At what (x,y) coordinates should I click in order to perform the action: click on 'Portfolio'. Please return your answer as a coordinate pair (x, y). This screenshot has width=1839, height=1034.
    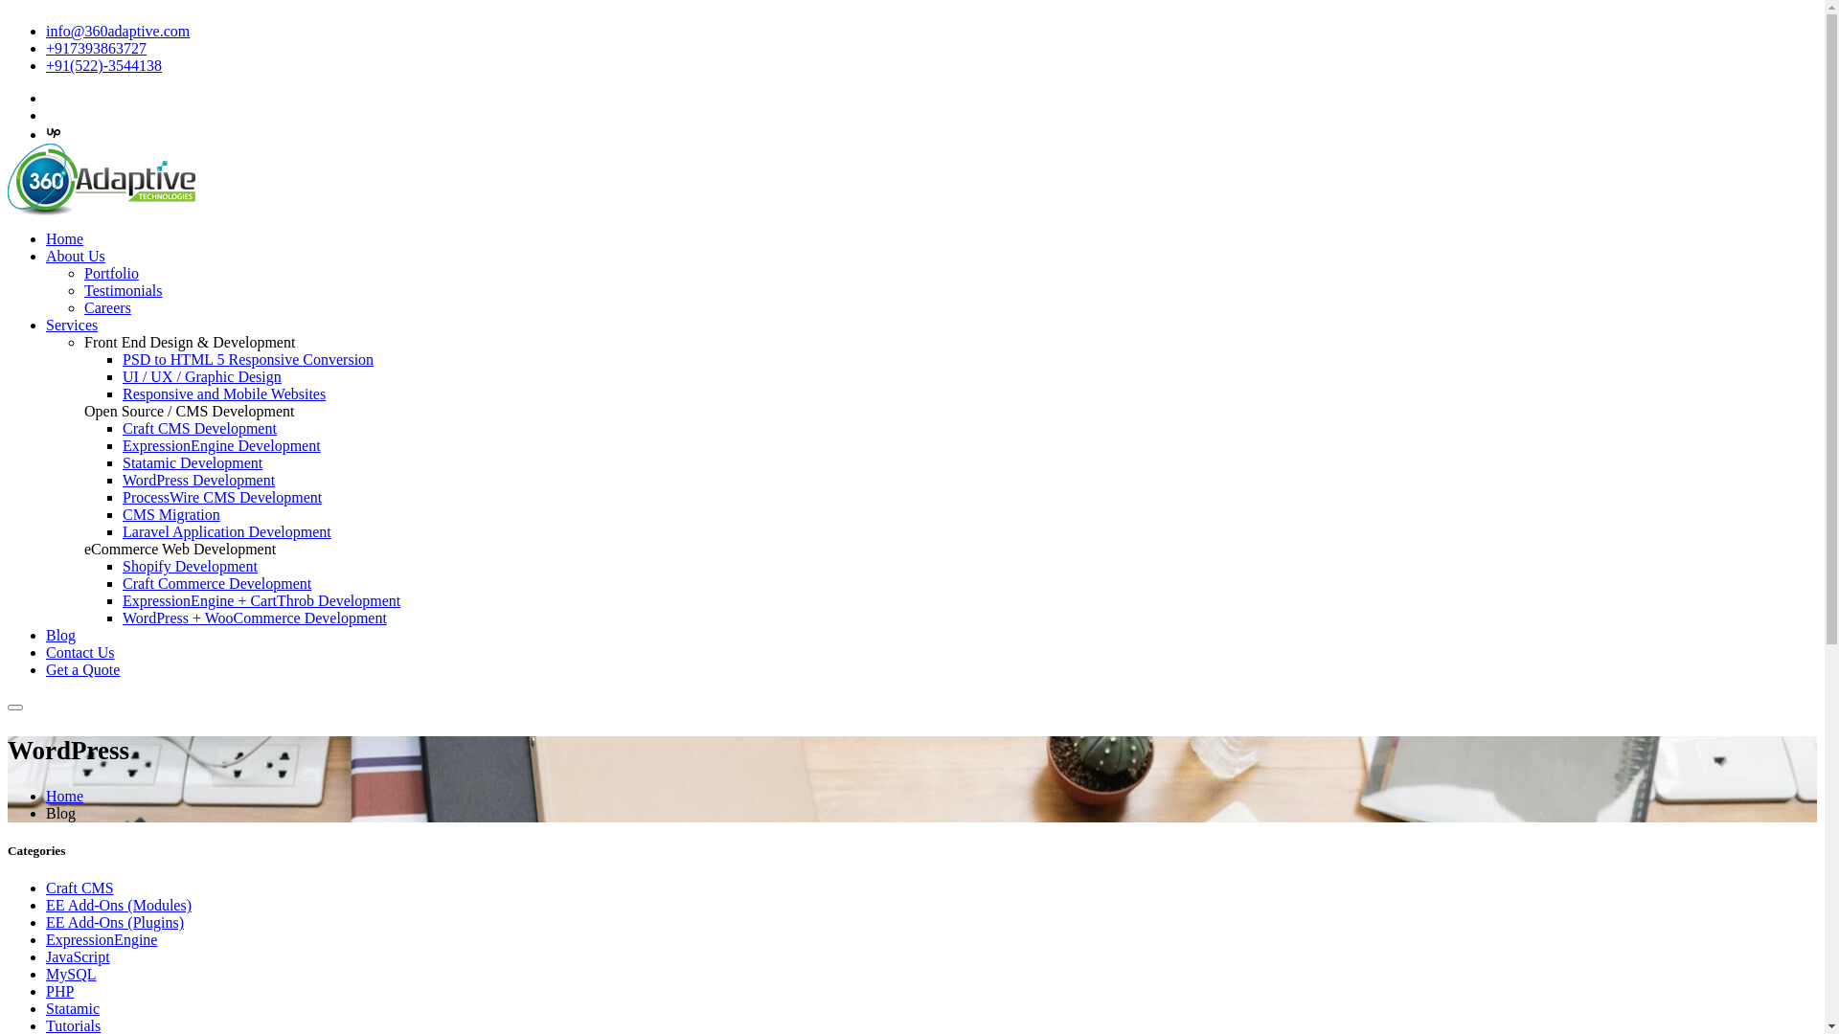
    Looking at the image, I should click on (110, 273).